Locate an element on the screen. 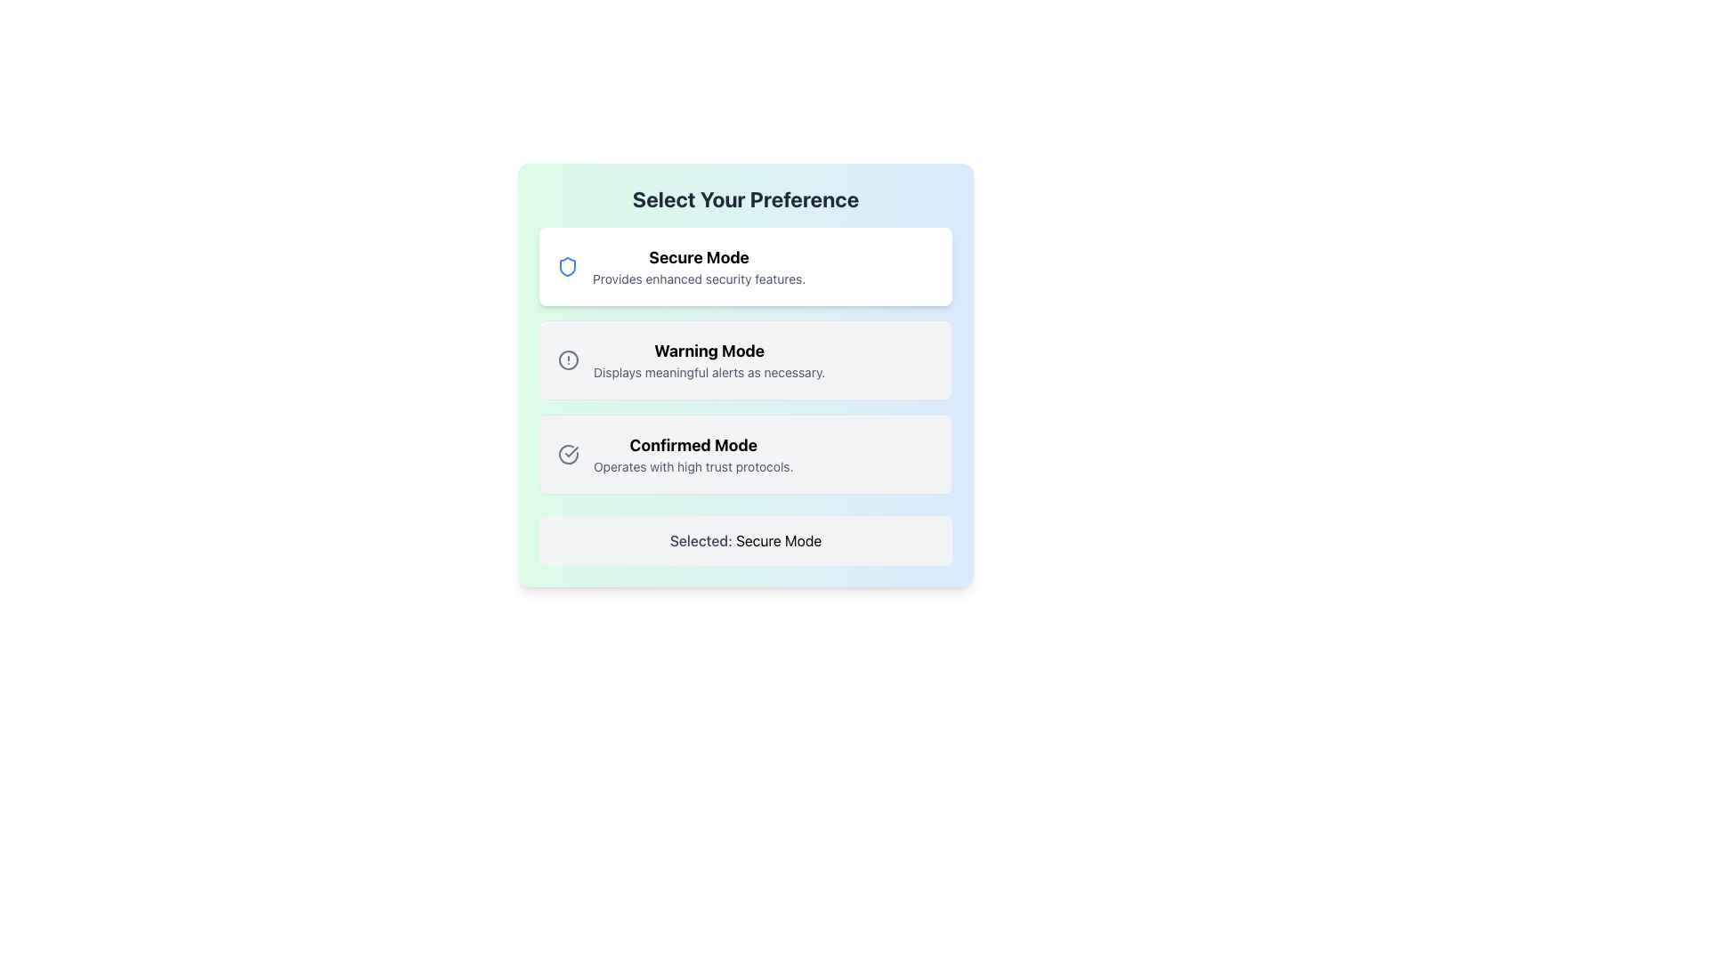  the 'Secure Mode' text label, which includes the bold text 'Secure Mode' and the description 'Provides enhanced security features.' is located at coordinates (698, 267).